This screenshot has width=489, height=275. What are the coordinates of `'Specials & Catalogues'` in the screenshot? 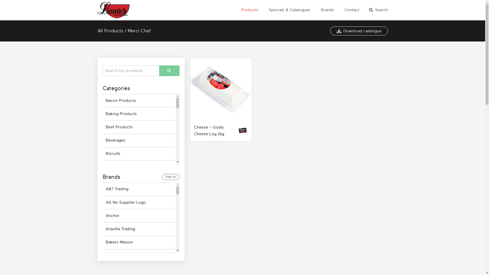 It's located at (289, 10).